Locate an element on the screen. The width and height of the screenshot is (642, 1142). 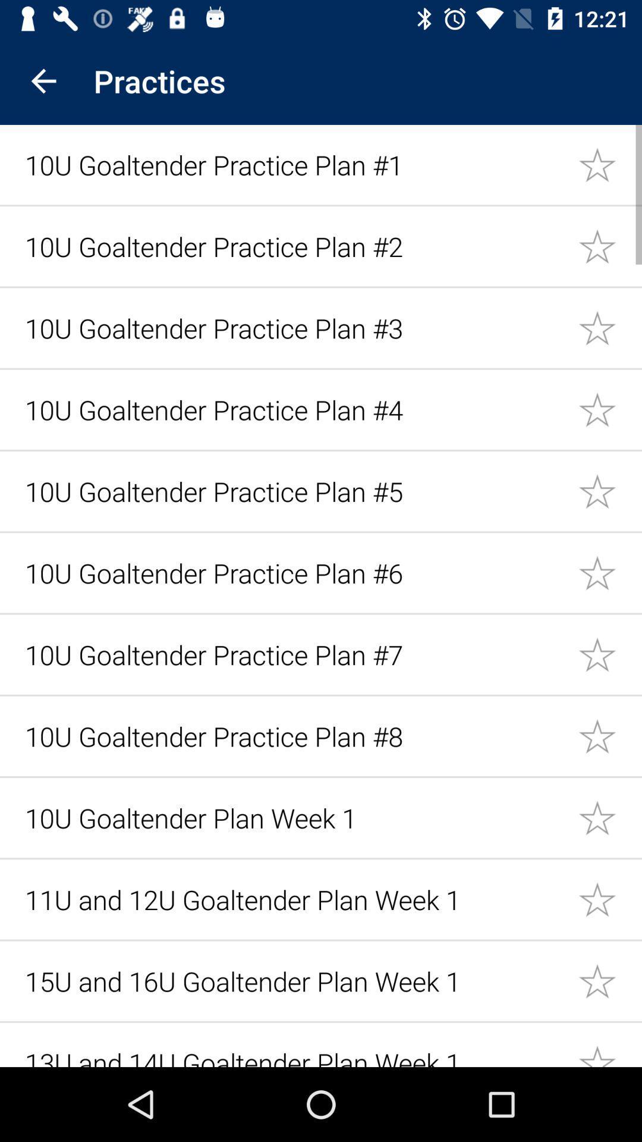
set favorite to 1ou goaltender practic plan 8 is located at coordinates (610, 735).